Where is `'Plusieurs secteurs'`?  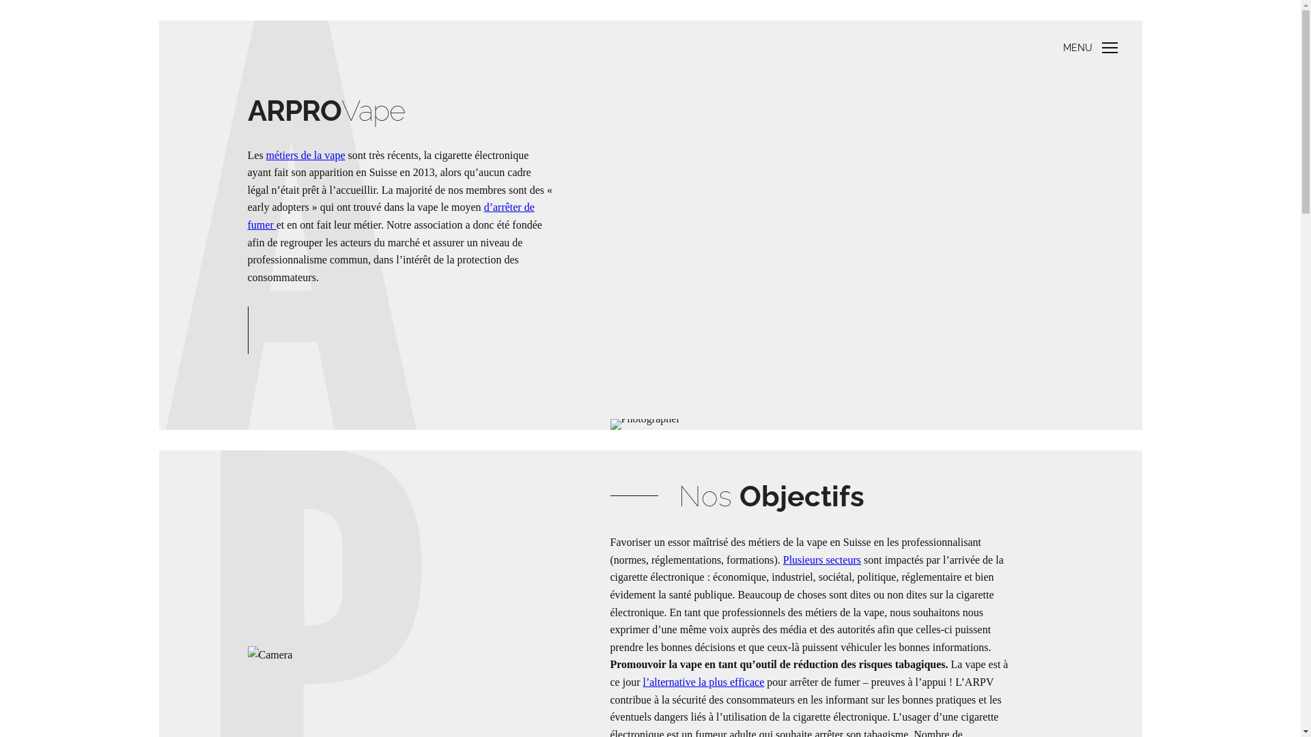 'Plusieurs secteurs' is located at coordinates (821, 560).